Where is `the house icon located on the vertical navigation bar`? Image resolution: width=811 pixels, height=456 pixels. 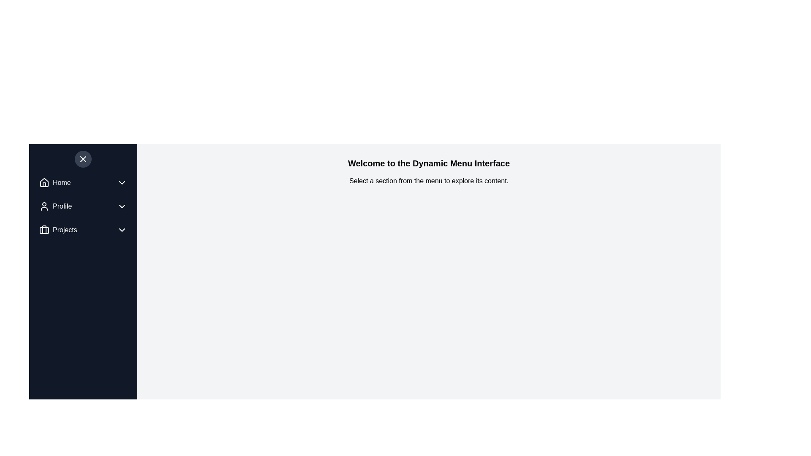
the house icon located on the vertical navigation bar is located at coordinates (44, 182).